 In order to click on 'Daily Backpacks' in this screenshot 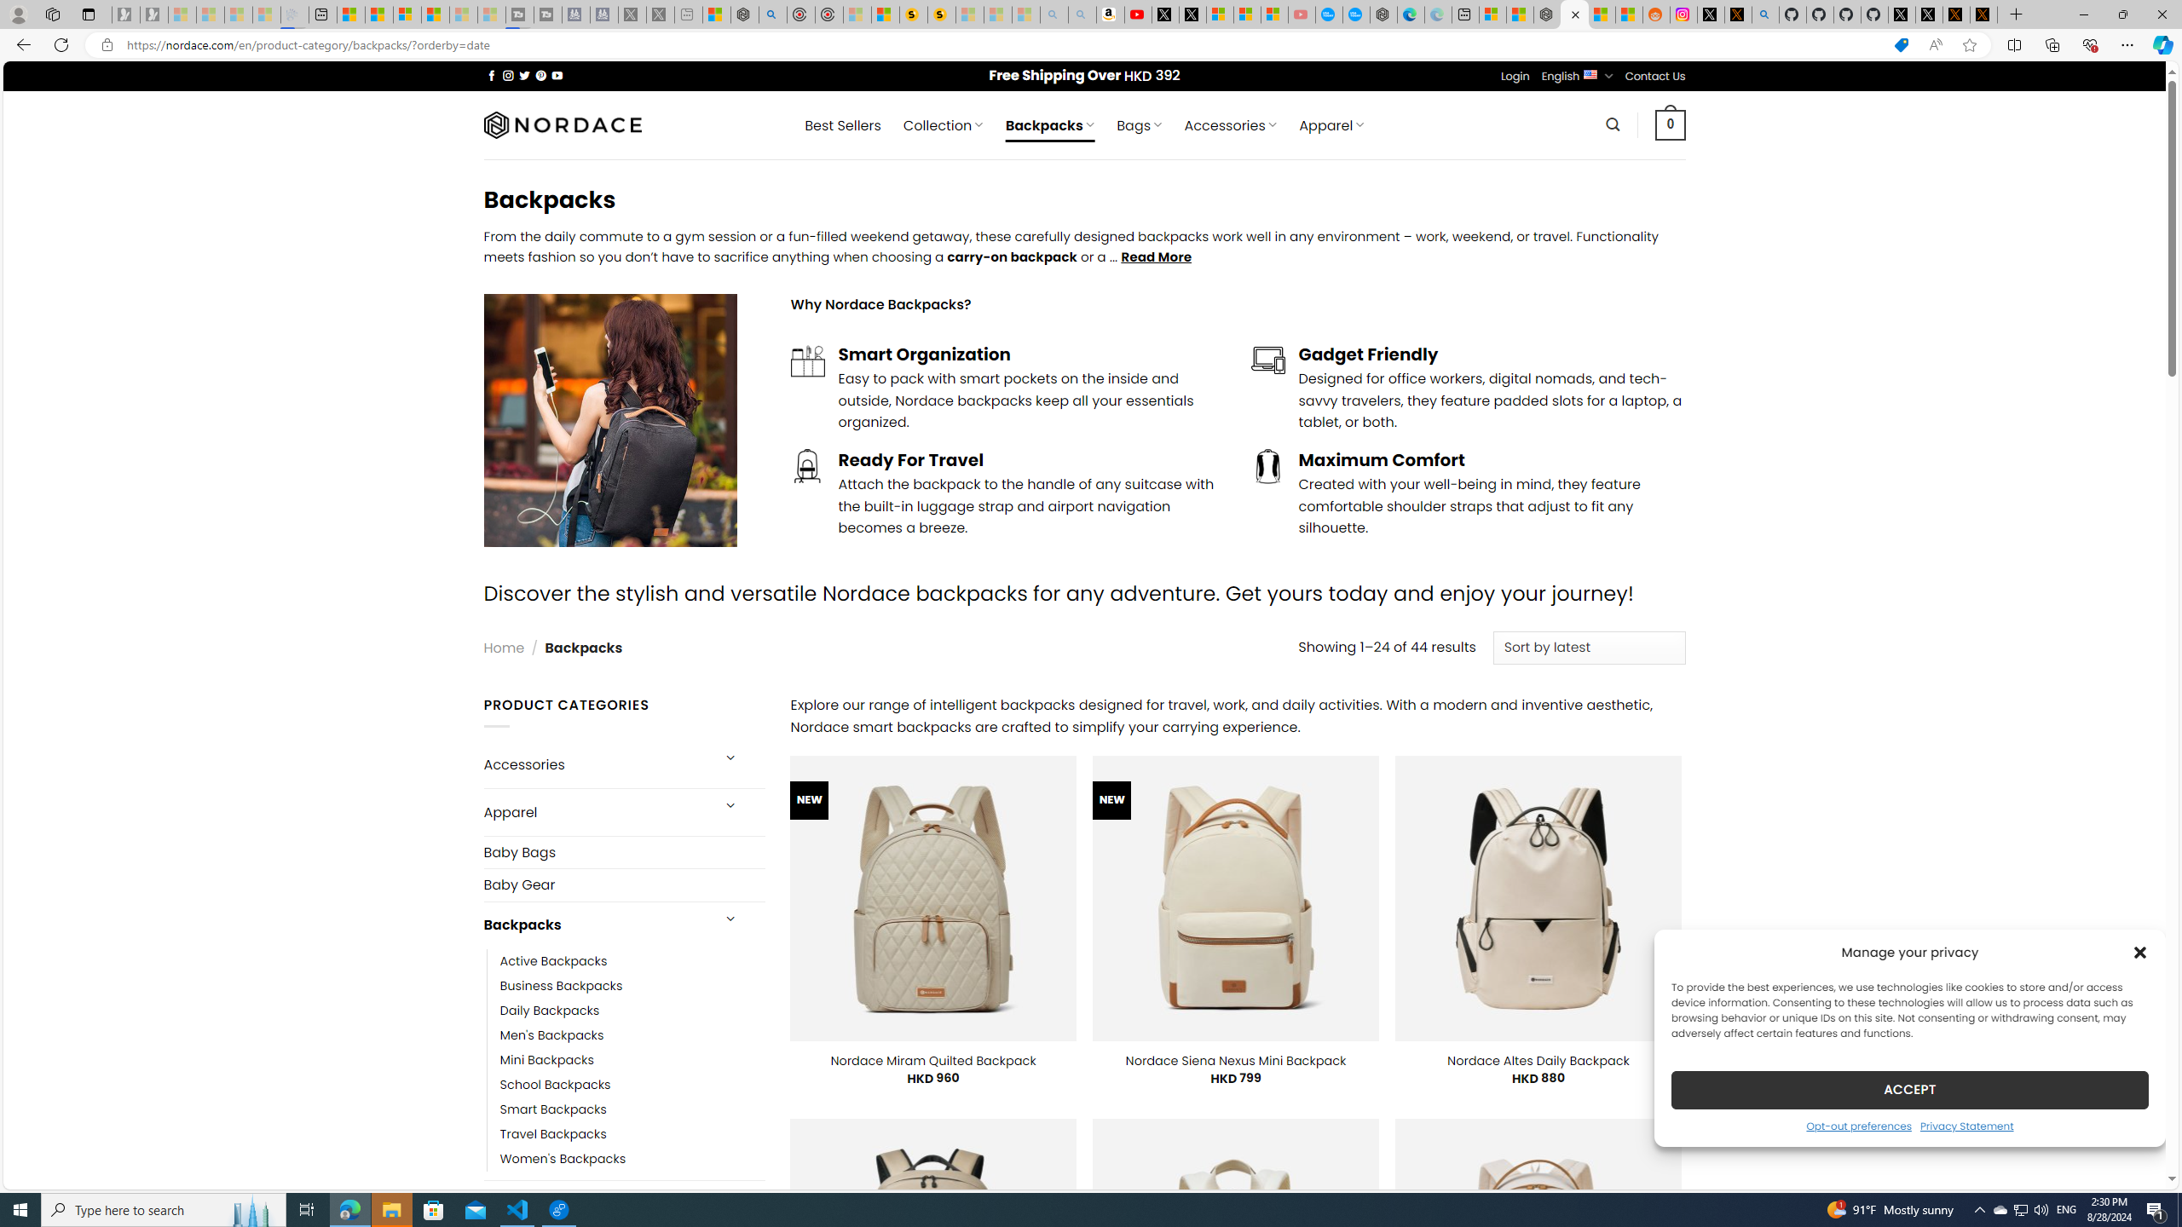, I will do `click(632, 1009)`.